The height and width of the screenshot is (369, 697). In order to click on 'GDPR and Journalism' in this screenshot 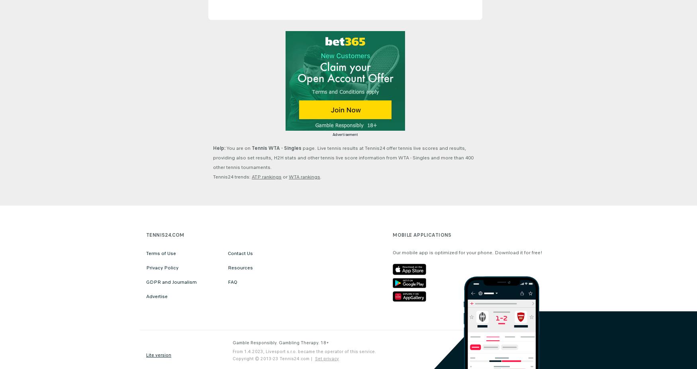, I will do `click(171, 282)`.